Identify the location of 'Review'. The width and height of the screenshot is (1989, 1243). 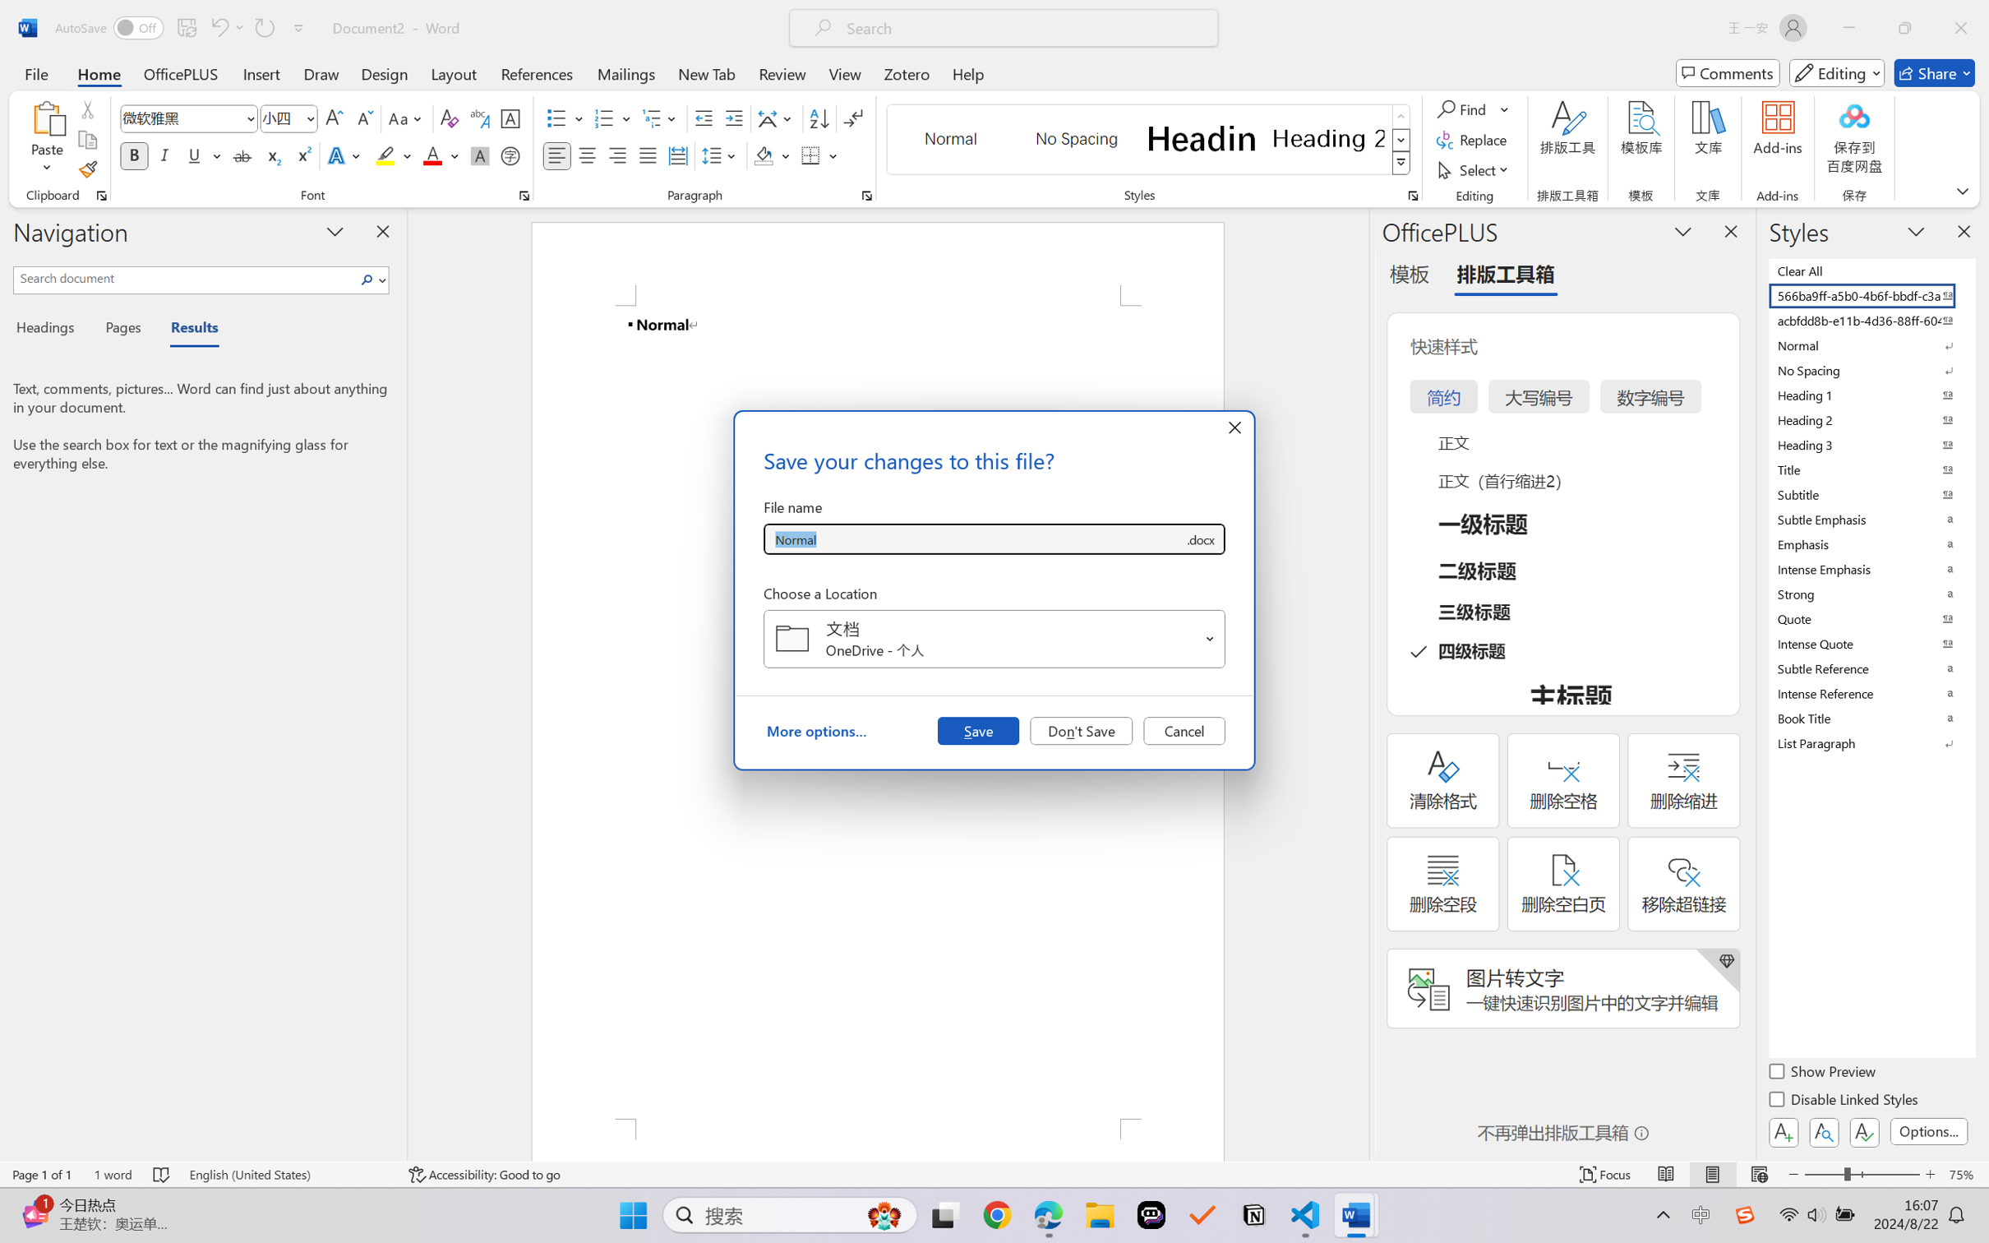
(782, 72).